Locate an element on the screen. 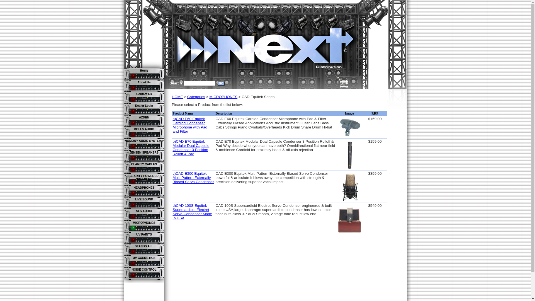 Image resolution: width=535 pixels, height=301 pixels. 'Categories' is located at coordinates (187, 96).